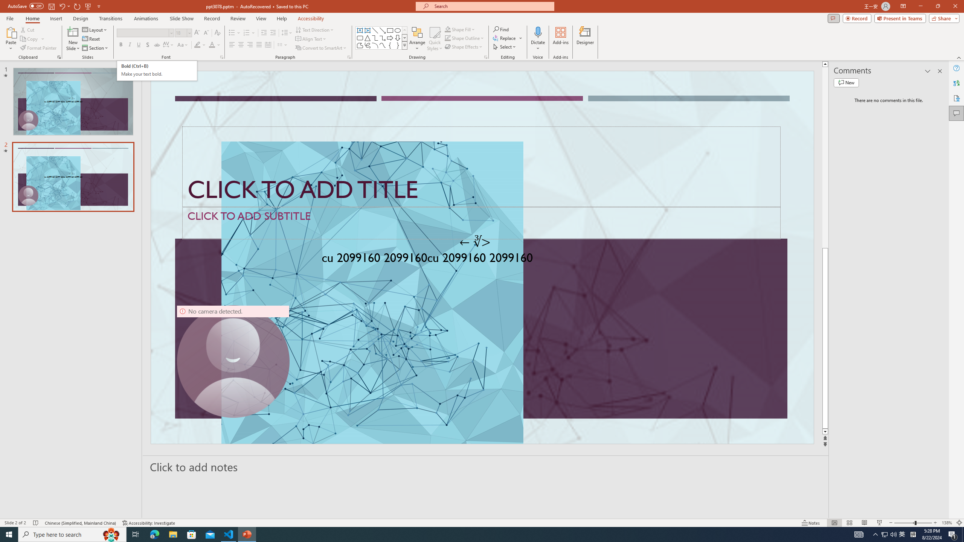 This screenshot has width=964, height=542. What do you see at coordinates (367, 30) in the screenshot?
I see `'Vertical Text Box'` at bounding box center [367, 30].